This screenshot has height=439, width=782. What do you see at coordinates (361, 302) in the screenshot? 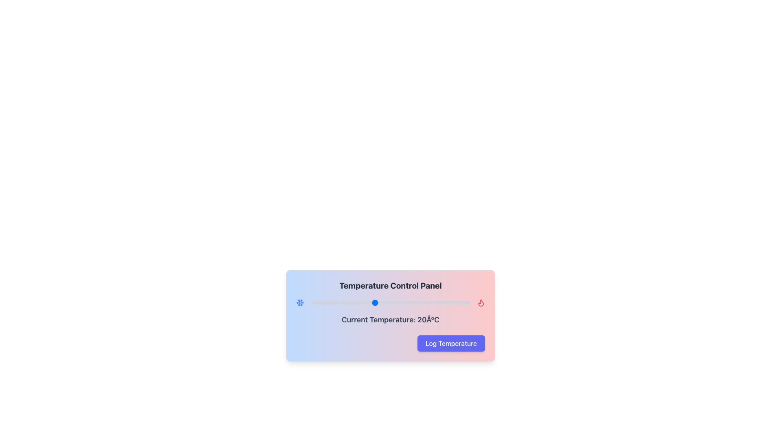
I see `the temperature slider` at bounding box center [361, 302].